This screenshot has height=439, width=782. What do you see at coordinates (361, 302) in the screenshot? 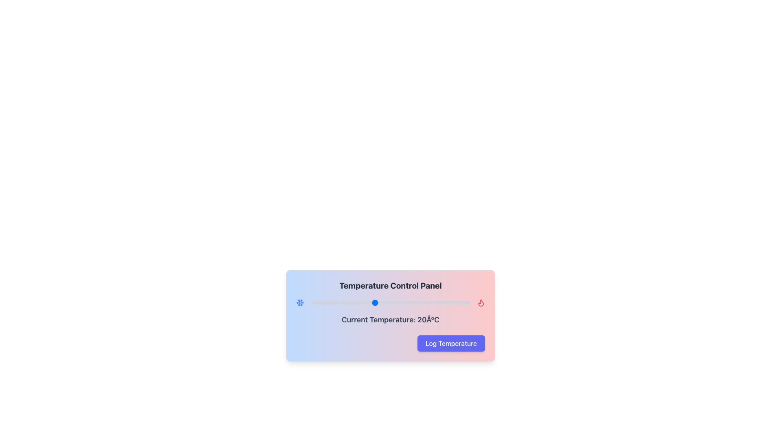
I see `the temperature slider` at bounding box center [361, 302].